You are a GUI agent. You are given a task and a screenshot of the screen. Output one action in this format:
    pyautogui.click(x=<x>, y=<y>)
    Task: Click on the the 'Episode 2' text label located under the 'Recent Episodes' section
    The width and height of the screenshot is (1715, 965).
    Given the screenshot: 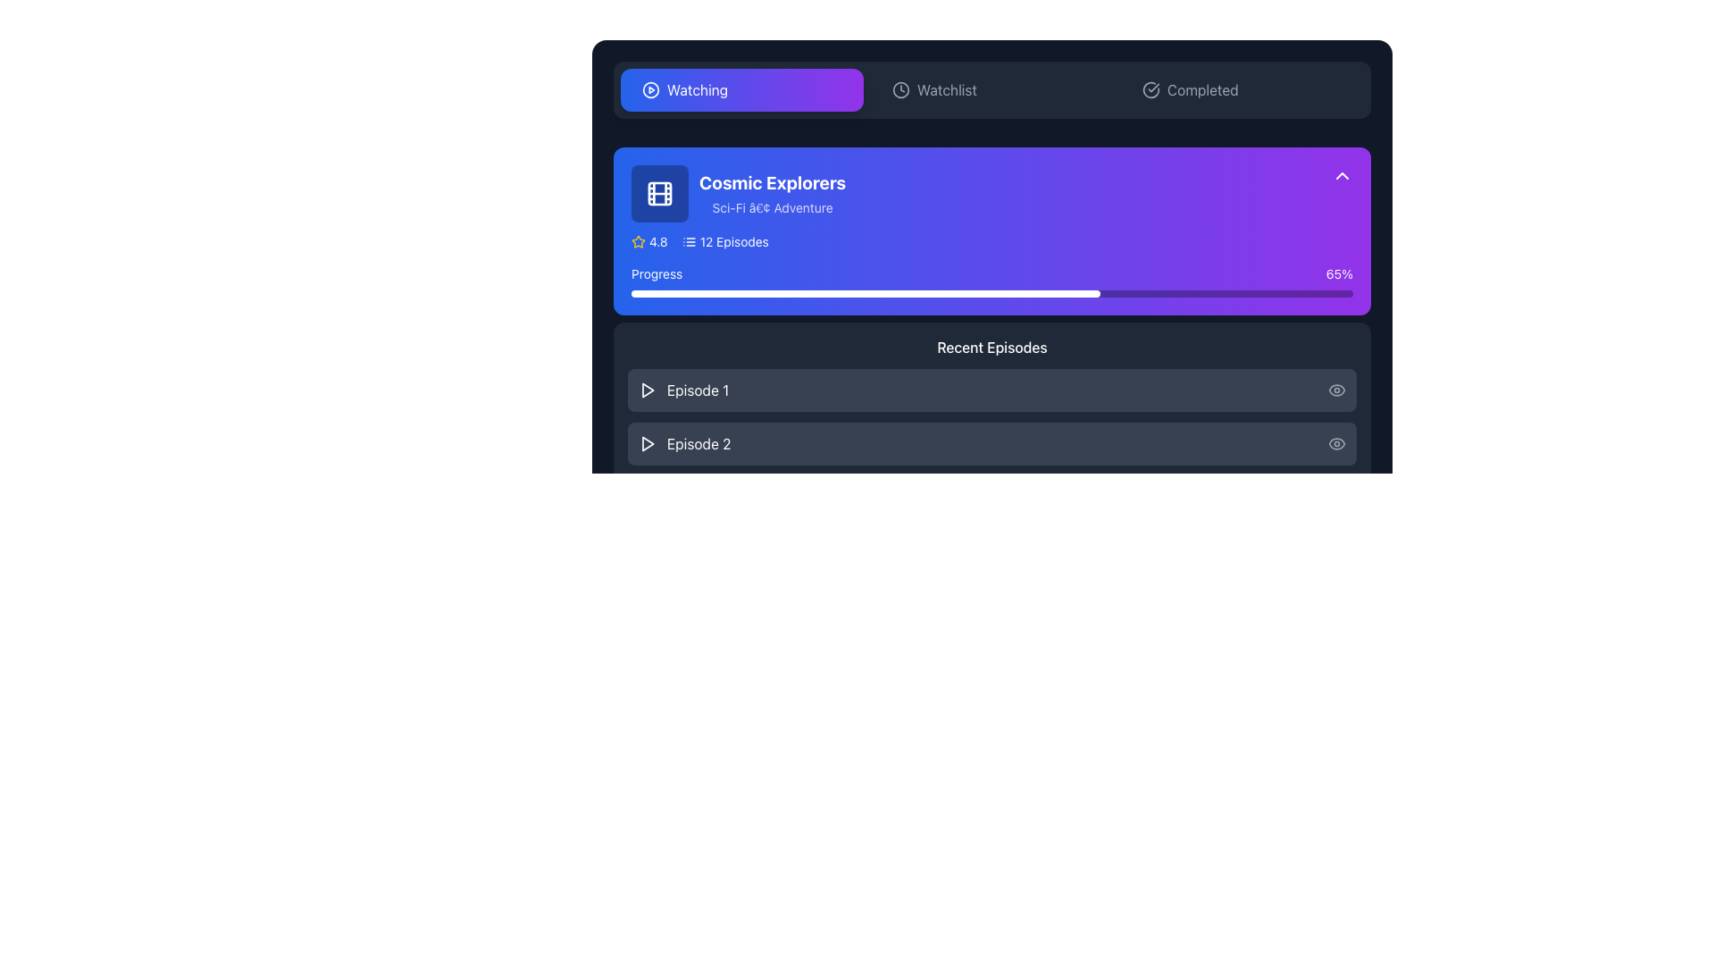 What is the action you would take?
    pyautogui.click(x=683, y=443)
    